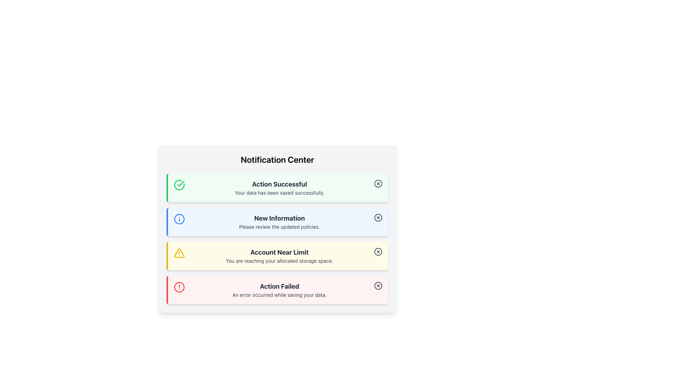 This screenshot has width=682, height=383. Describe the element at coordinates (179, 287) in the screenshot. I see `the SVG graphic icon indicating an error or alert associated with the 'Action Failed' notification in the notification center interface` at that location.